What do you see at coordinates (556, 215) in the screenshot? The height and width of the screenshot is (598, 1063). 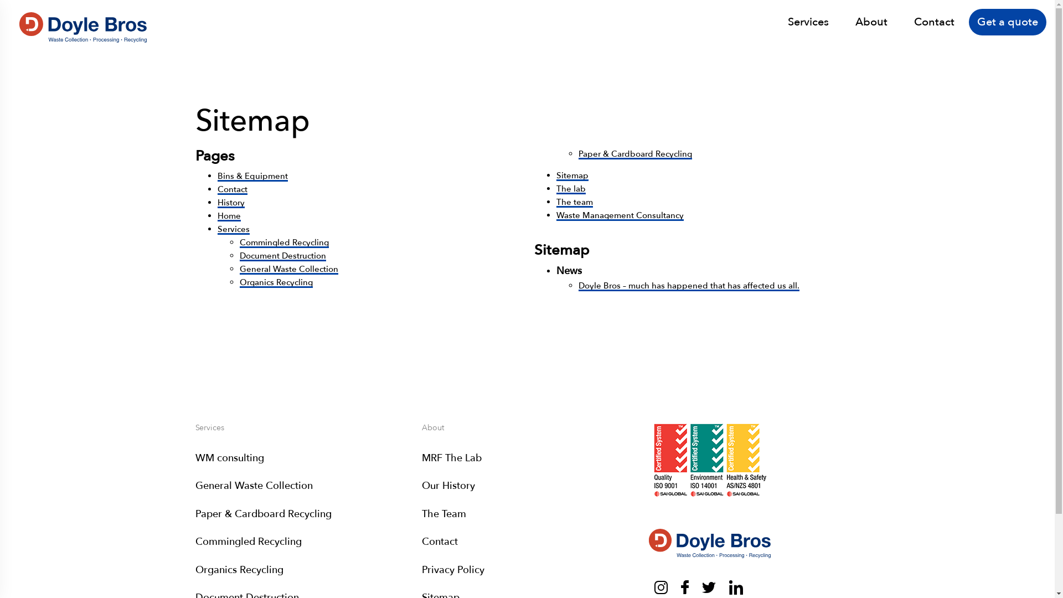 I see `'Waste Management Consultancy'` at bounding box center [556, 215].